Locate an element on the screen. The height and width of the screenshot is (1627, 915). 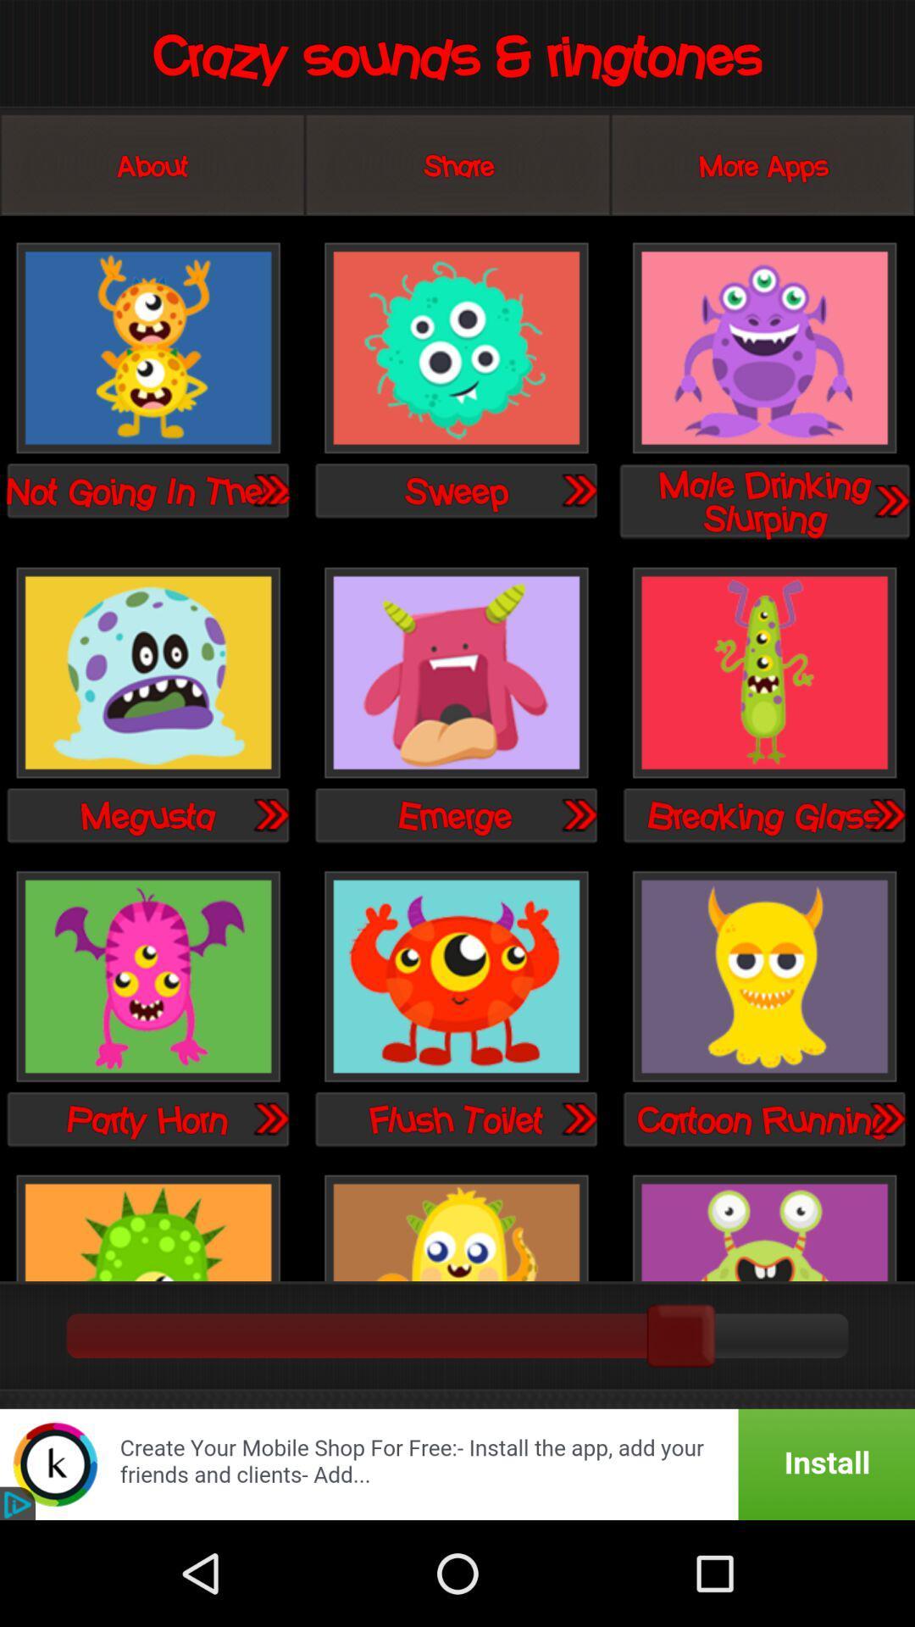
this sound is located at coordinates (147, 673).